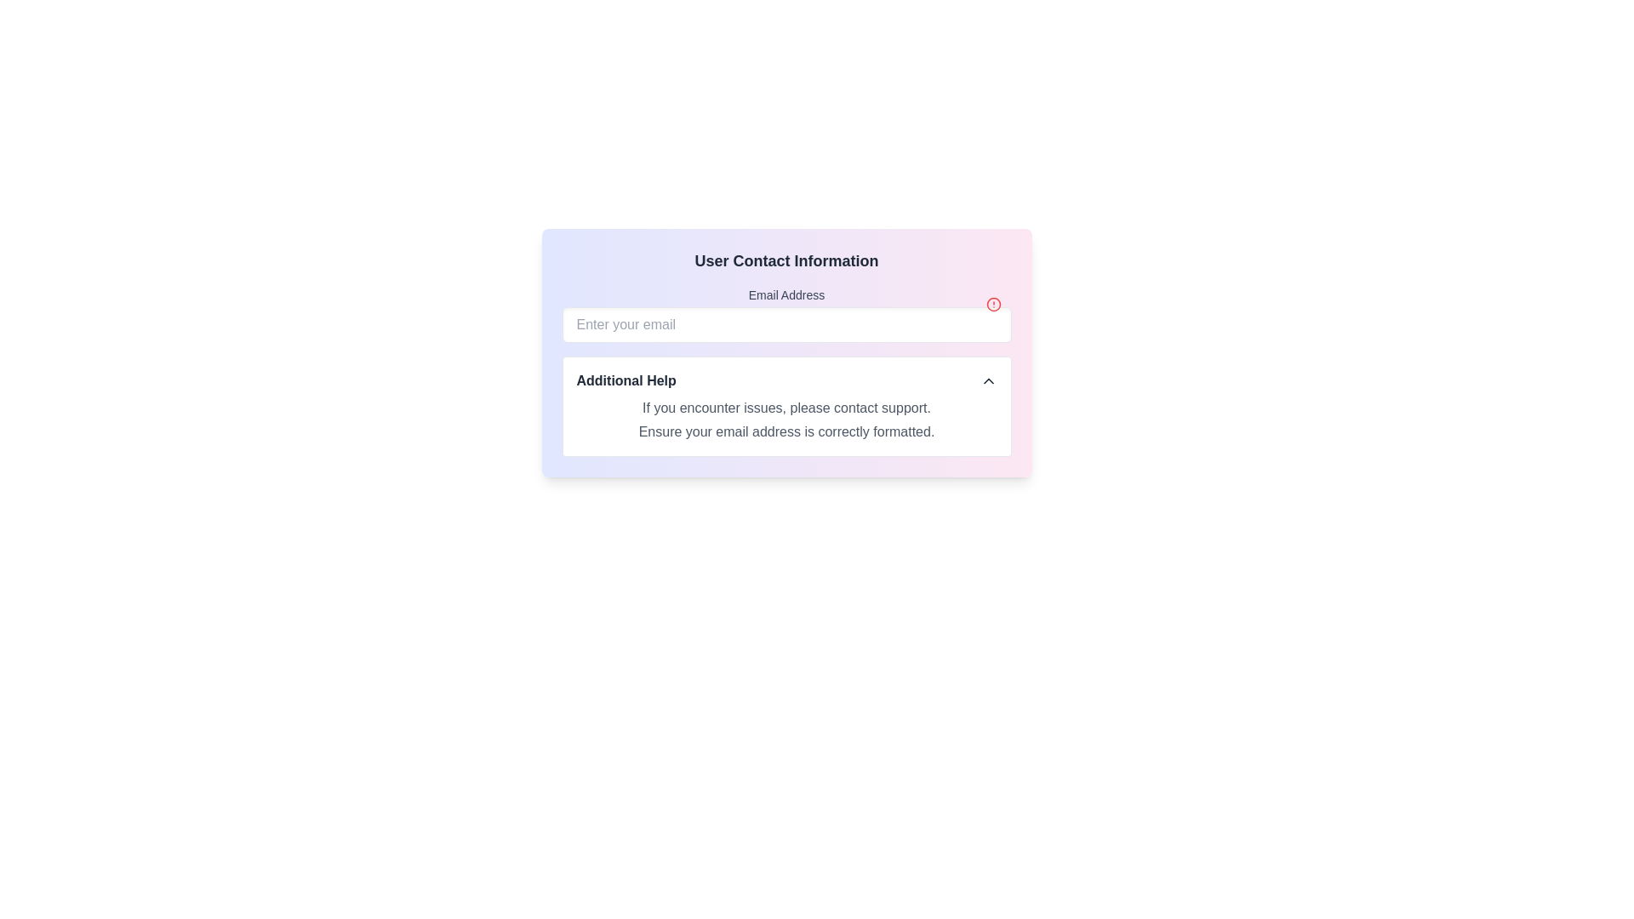 This screenshot has width=1634, height=919. I want to click on the graphical circle within the composite SVG icon located at the top-right corner of the input field's group box, which serves as an alert or notification indicator, so click(993, 304).